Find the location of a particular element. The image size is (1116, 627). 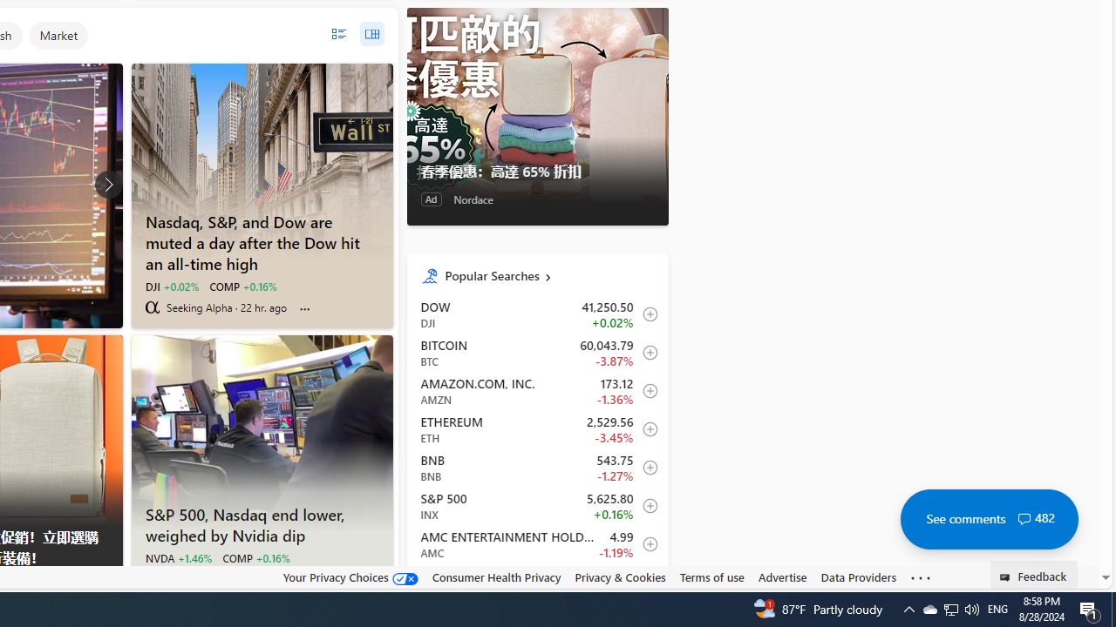

'Reuters' is located at coordinates (152, 578).